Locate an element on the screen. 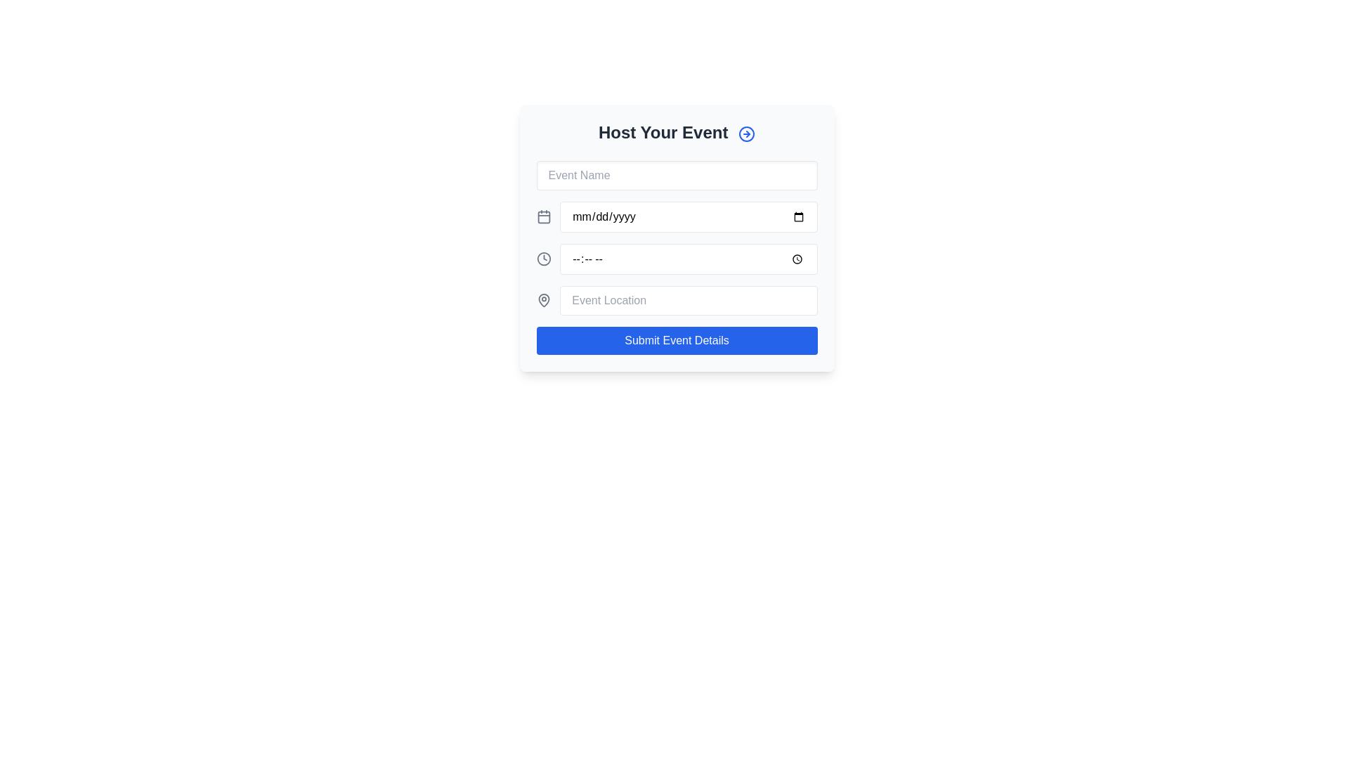  the SVG circle element that is part of the decorative clock icon, positioned centrally to the right of the time selection input field is located at coordinates (543, 259).